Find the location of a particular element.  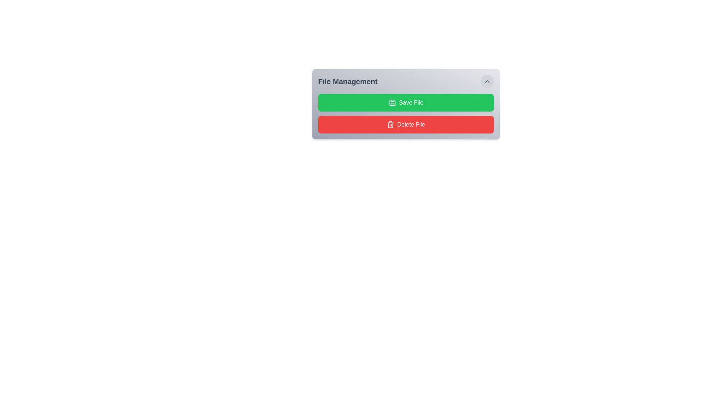

the 'Delete File' text label within the red button located beneath the green 'Save File' button in the 'File Management' section is located at coordinates (411, 124).